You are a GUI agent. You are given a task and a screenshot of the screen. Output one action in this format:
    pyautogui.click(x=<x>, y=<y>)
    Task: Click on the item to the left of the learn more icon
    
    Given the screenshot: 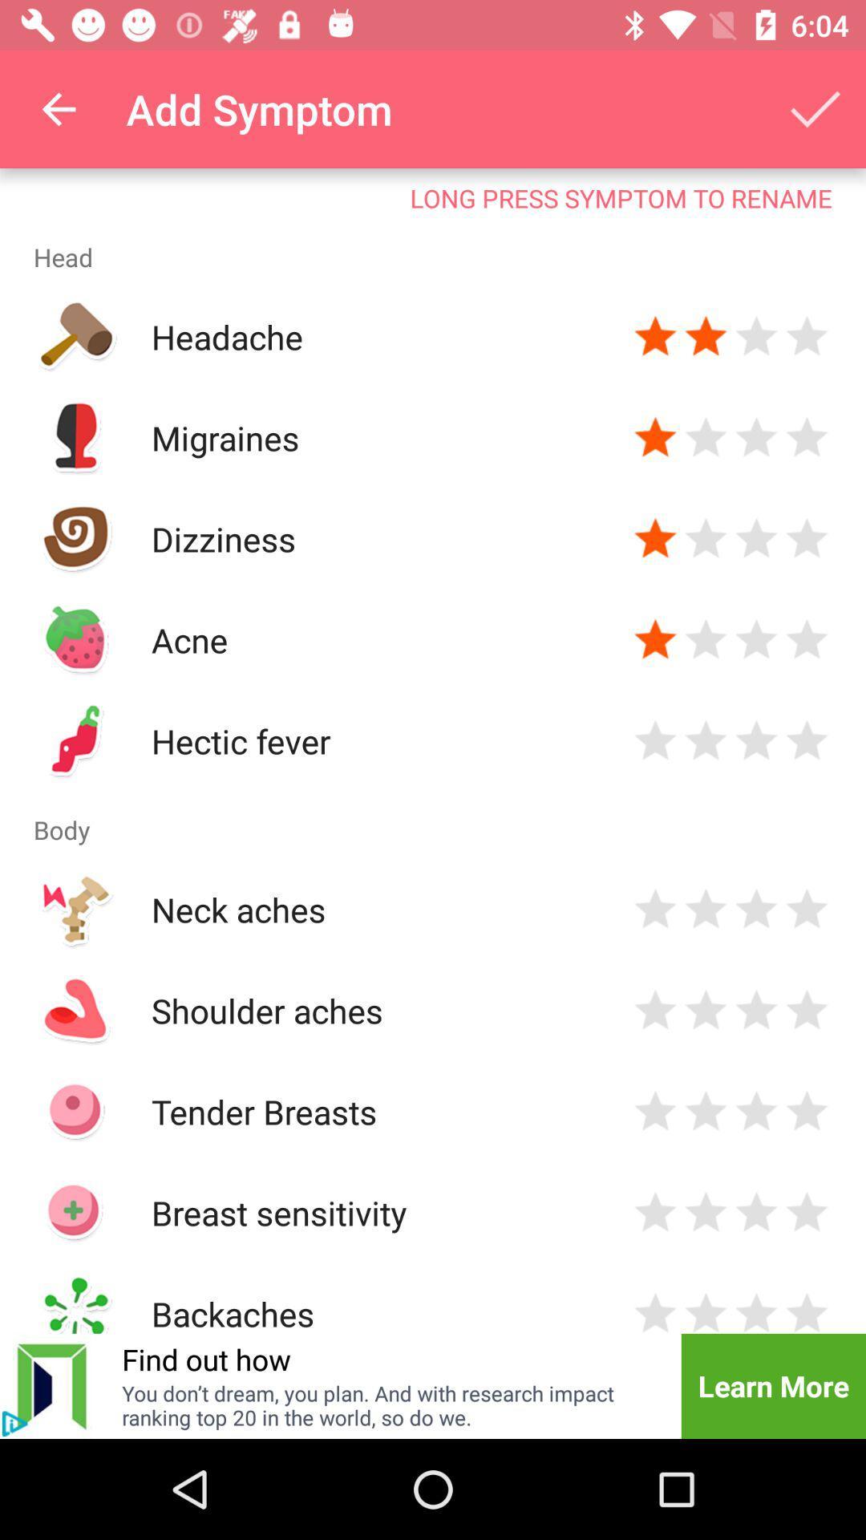 What is the action you would take?
    pyautogui.click(x=391, y=1404)
    